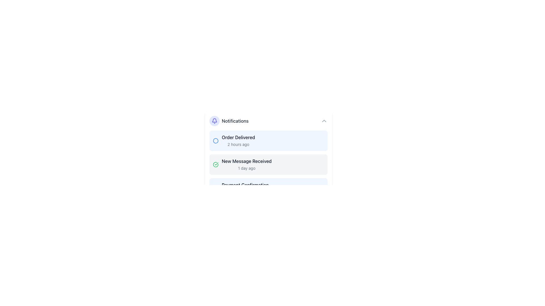 This screenshot has height=306, width=545. What do you see at coordinates (324, 121) in the screenshot?
I see `the chevron-shaped toggle button located on the far right side of the 'Notifications' horizontal bar` at bounding box center [324, 121].